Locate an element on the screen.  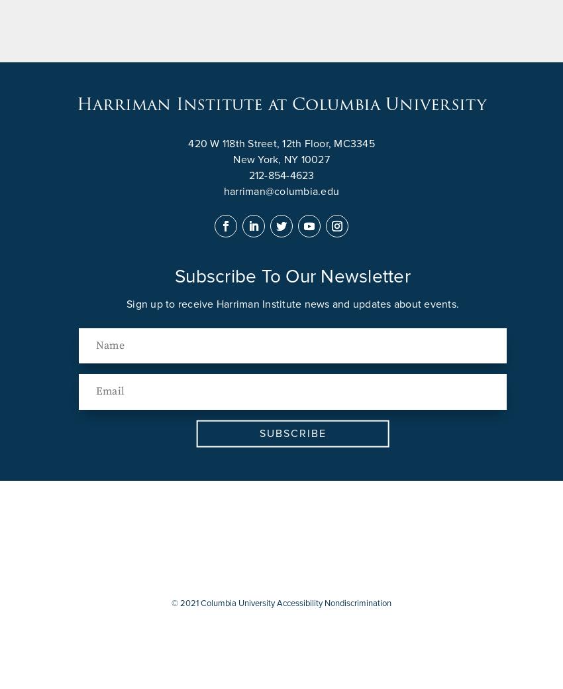
'Accessibility' is located at coordinates (299, 603).